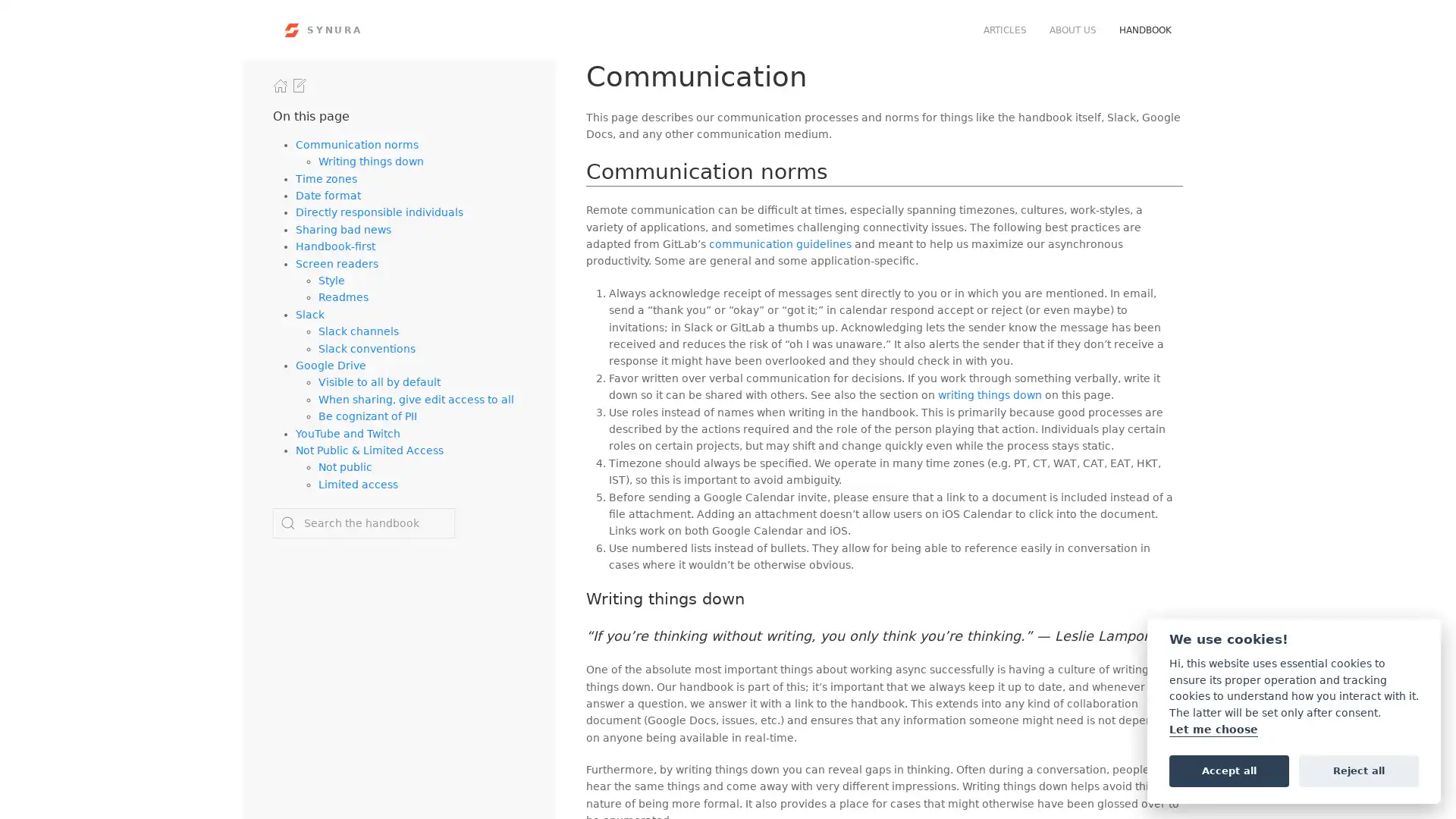 Image resolution: width=1456 pixels, height=819 pixels. What do you see at coordinates (1228, 770) in the screenshot?
I see `Accept all` at bounding box center [1228, 770].